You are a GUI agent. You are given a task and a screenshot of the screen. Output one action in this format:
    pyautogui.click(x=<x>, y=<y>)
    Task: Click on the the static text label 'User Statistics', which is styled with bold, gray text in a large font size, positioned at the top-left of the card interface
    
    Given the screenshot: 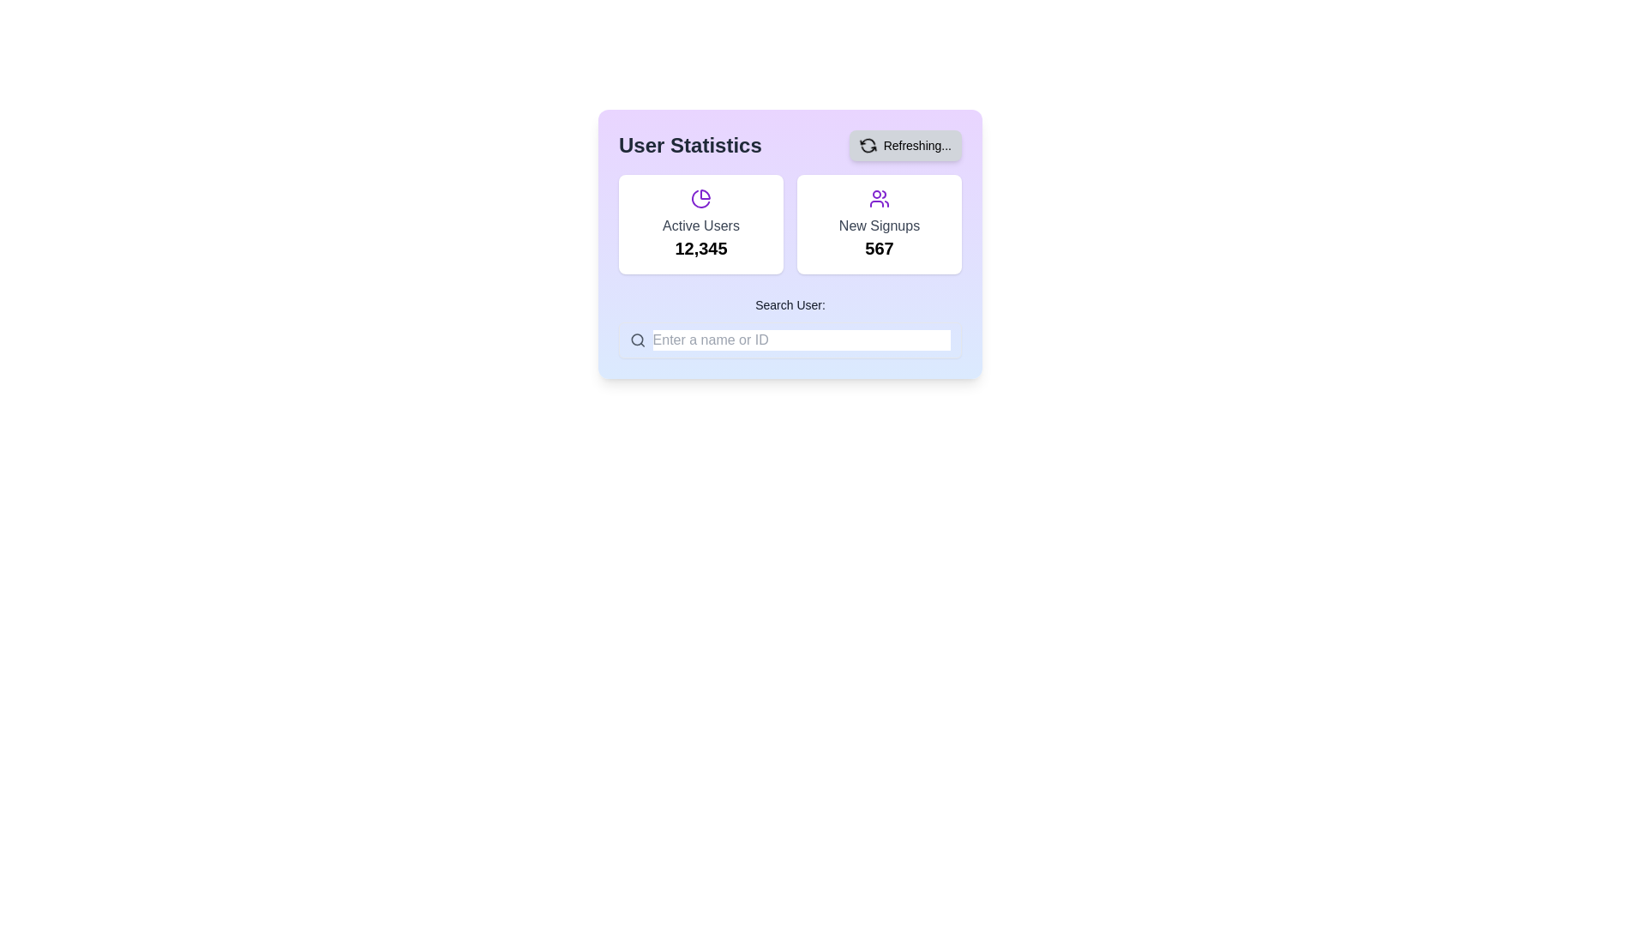 What is the action you would take?
    pyautogui.click(x=690, y=144)
    